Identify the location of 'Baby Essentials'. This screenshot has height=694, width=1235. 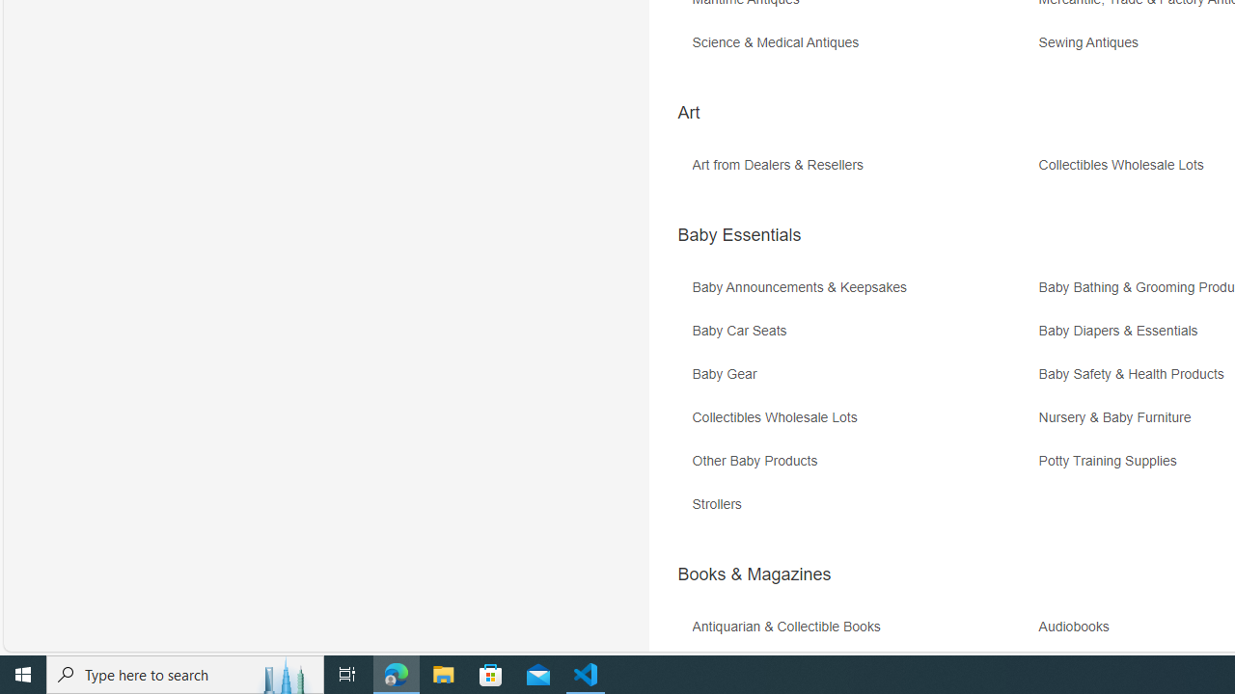
(738, 234).